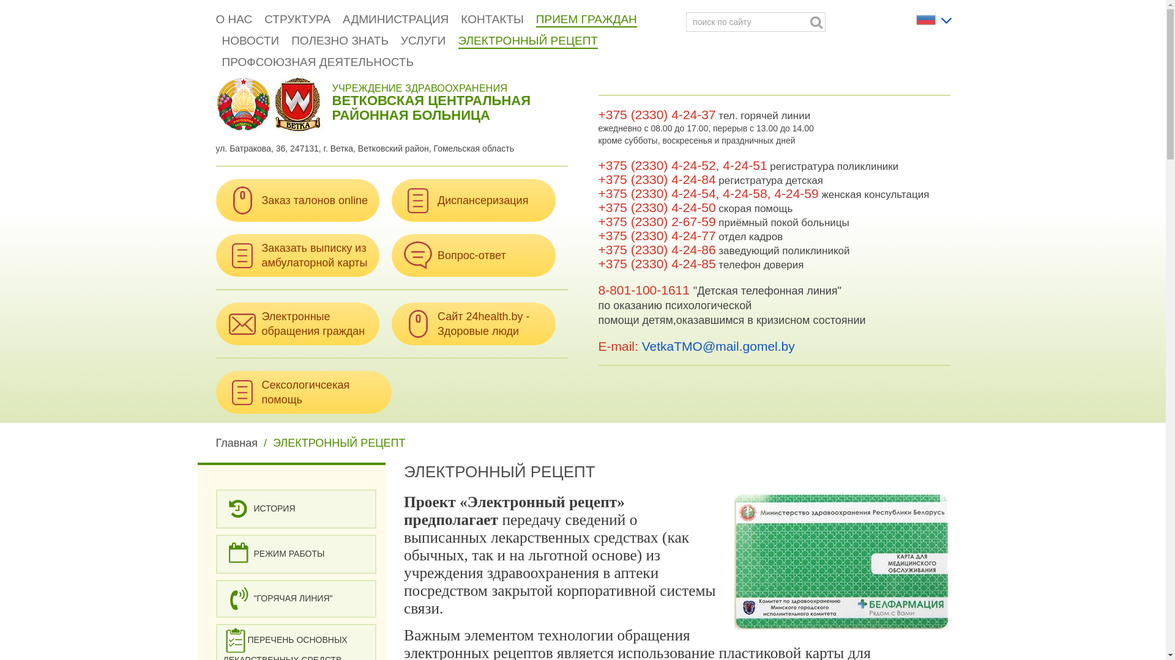 This screenshot has width=1175, height=660. What do you see at coordinates (718, 346) in the screenshot?
I see `'VetkaTMO@mail.gomel.by'` at bounding box center [718, 346].